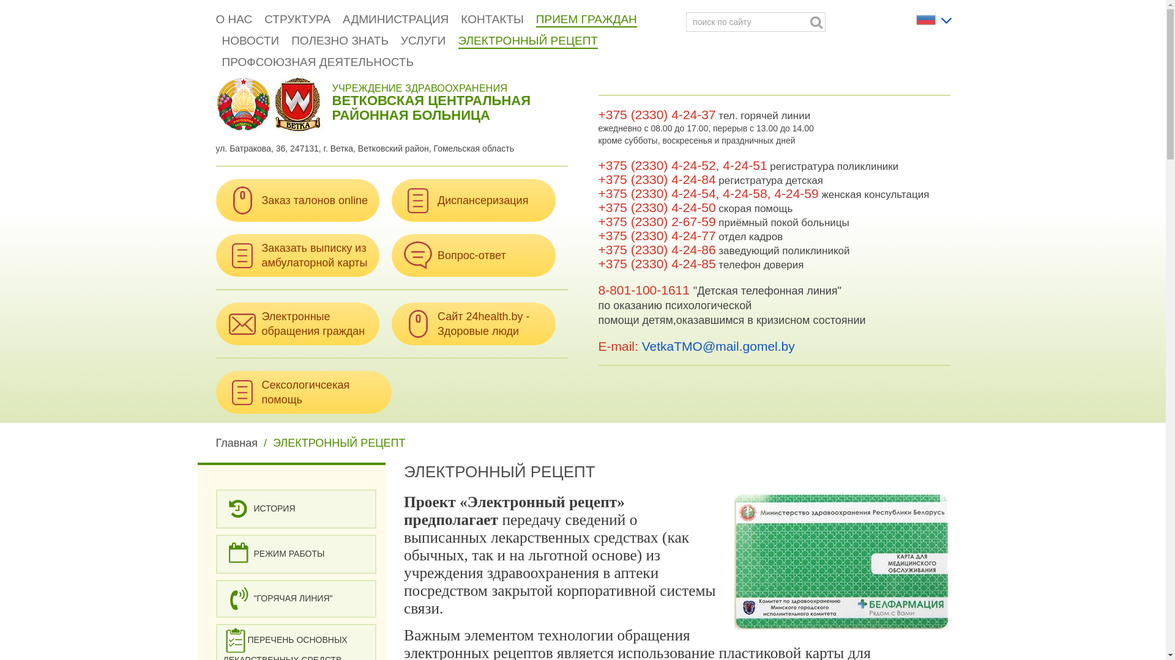 This screenshot has width=1175, height=660. What do you see at coordinates (718, 346) in the screenshot?
I see `'VetkaTMO@mail.gomel.by'` at bounding box center [718, 346].